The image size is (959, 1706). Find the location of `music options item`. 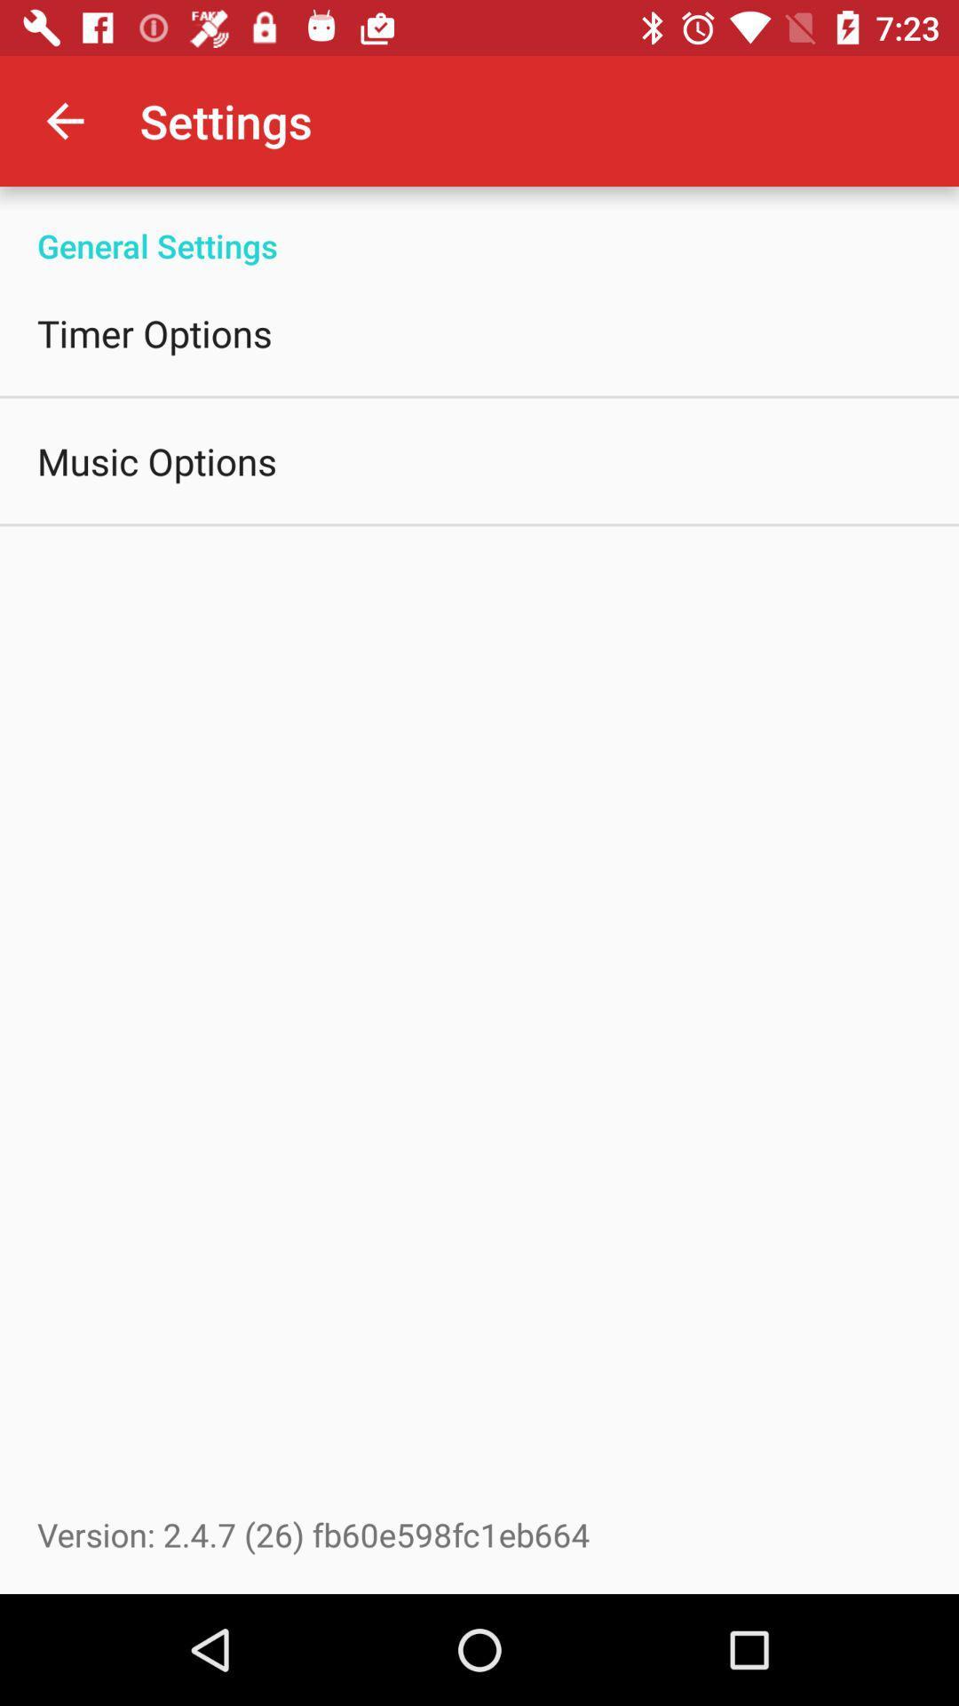

music options item is located at coordinates (156, 460).